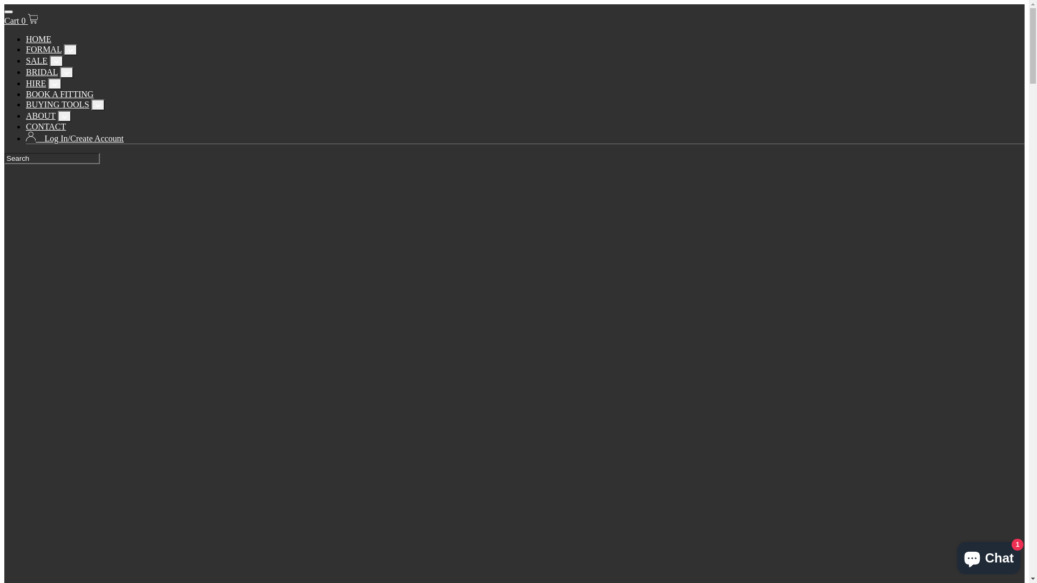 Image resolution: width=1037 pixels, height=583 pixels. What do you see at coordinates (26, 60) in the screenshot?
I see `'SALE'` at bounding box center [26, 60].